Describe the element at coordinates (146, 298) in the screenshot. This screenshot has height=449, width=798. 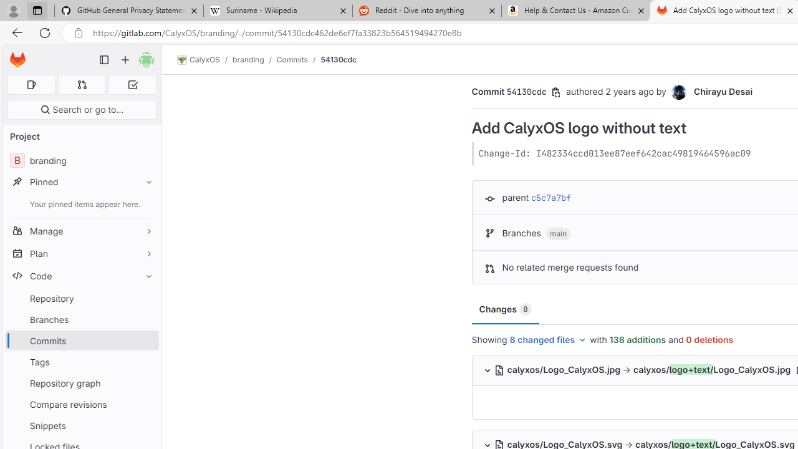
I see `'Pin Repository'` at that location.